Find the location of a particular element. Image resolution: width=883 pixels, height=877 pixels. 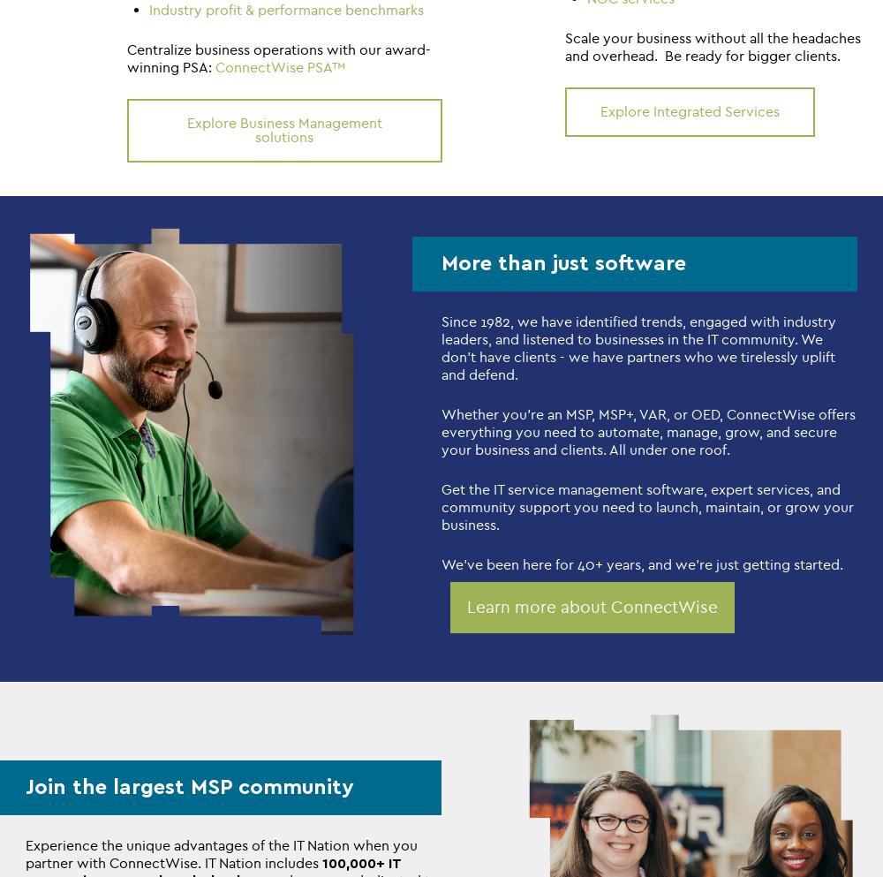

'100,000+' is located at coordinates (321, 863).